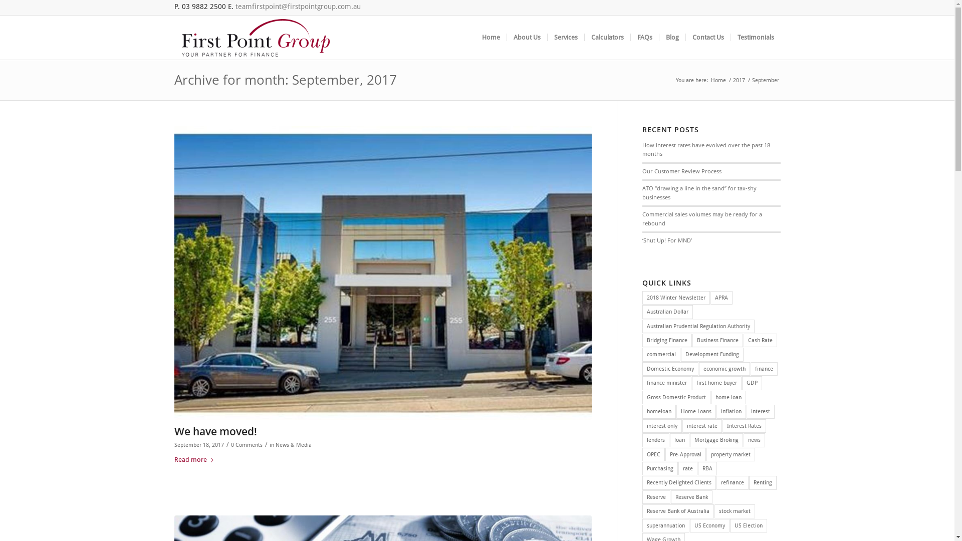  What do you see at coordinates (606, 37) in the screenshot?
I see `'Calculators'` at bounding box center [606, 37].